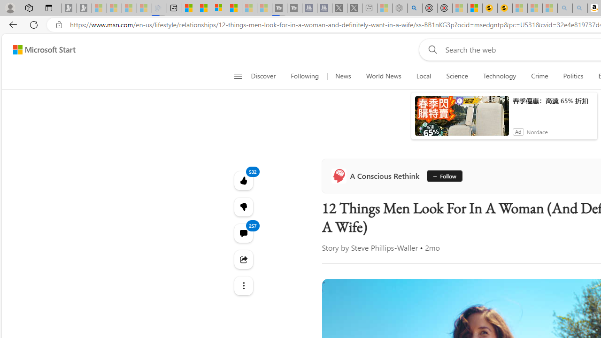 The height and width of the screenshot is (338, 601). What do you see at coordinates (573, 76) in the screenshot?
I see `'Politics'` at bounding box center [573, 76].